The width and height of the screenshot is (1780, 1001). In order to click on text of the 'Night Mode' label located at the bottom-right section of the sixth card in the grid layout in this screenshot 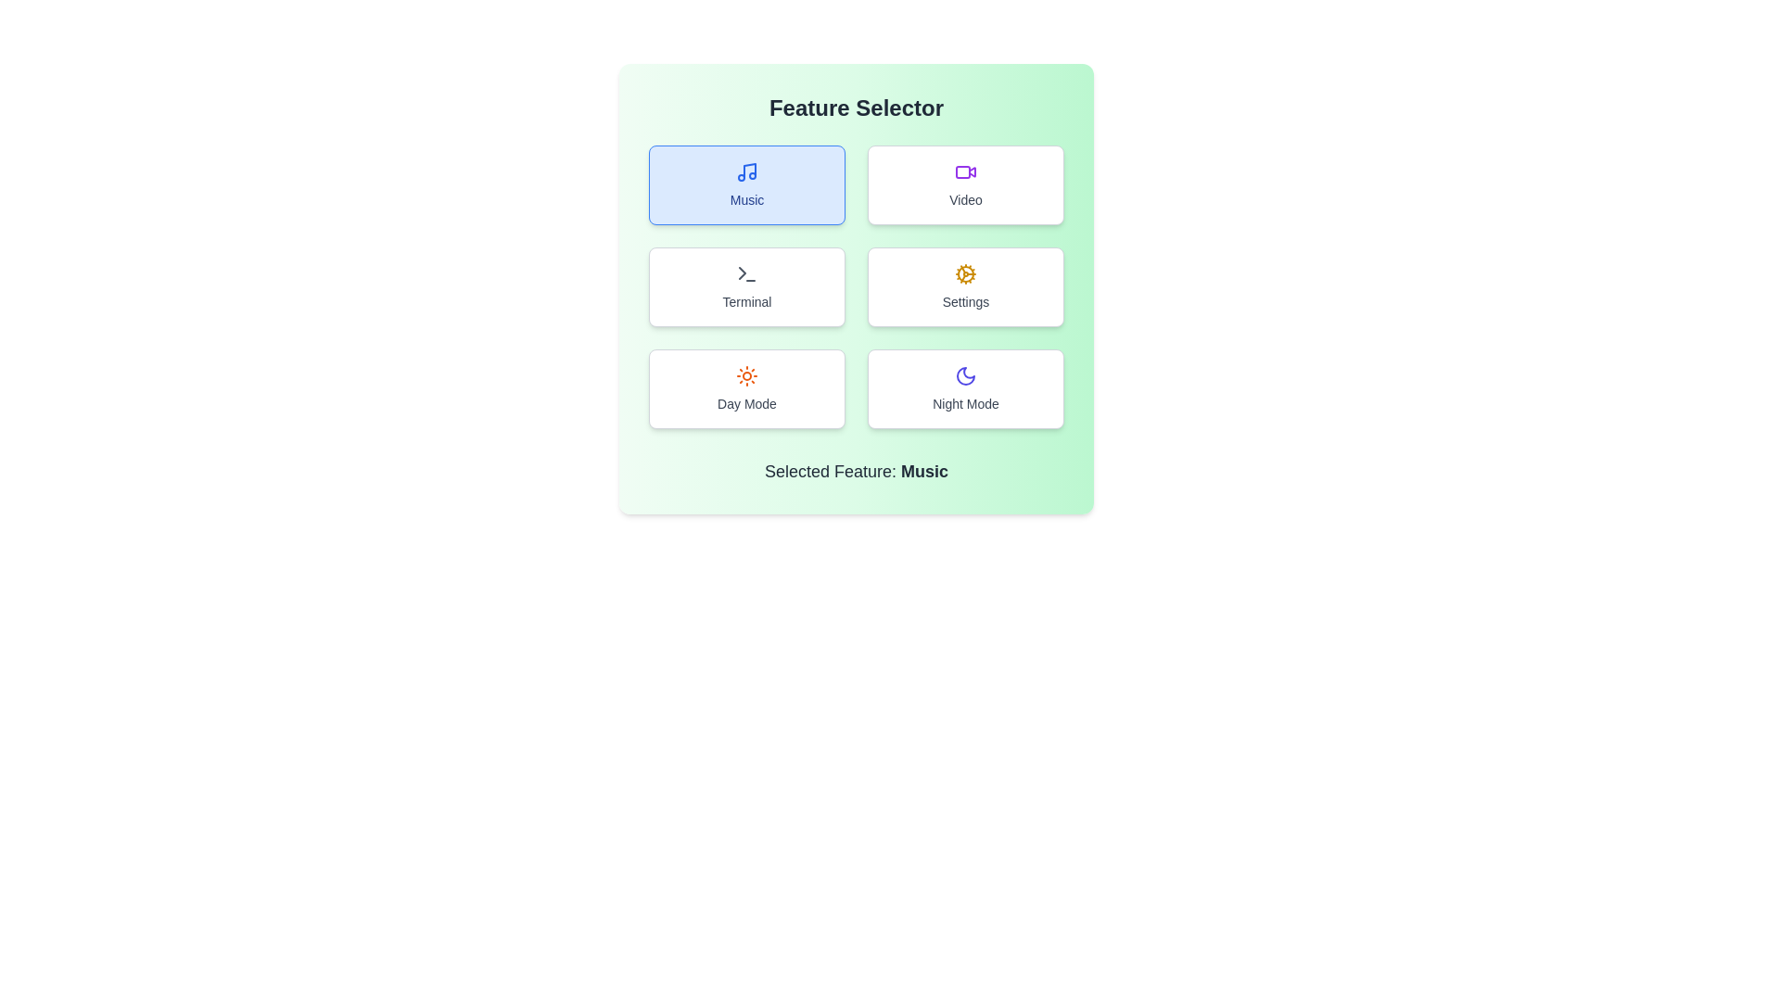, I will do `click(964, 402)`.